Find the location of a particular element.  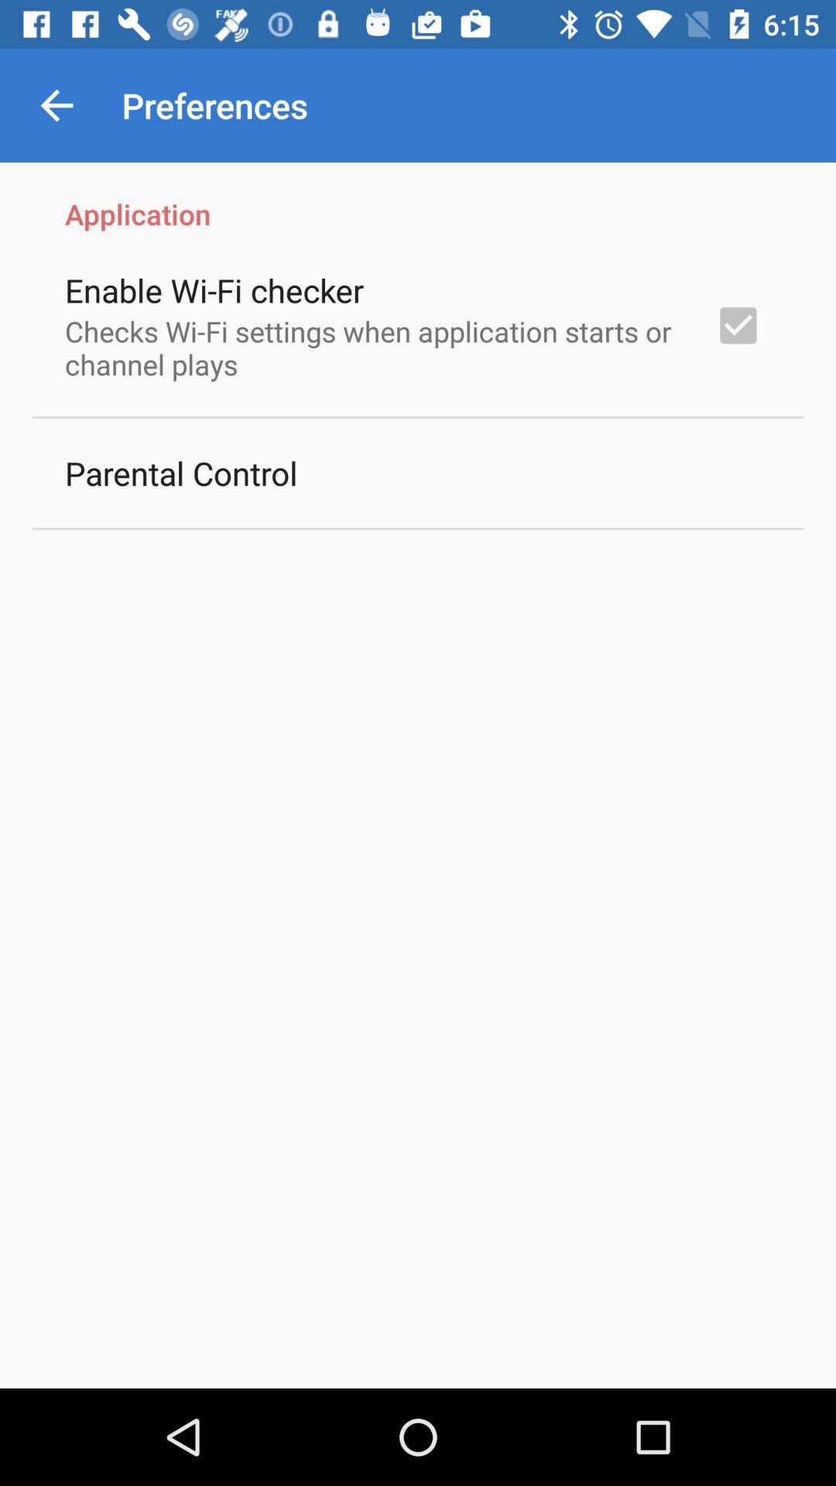

item above the application item is located at coordinates (56, 104).